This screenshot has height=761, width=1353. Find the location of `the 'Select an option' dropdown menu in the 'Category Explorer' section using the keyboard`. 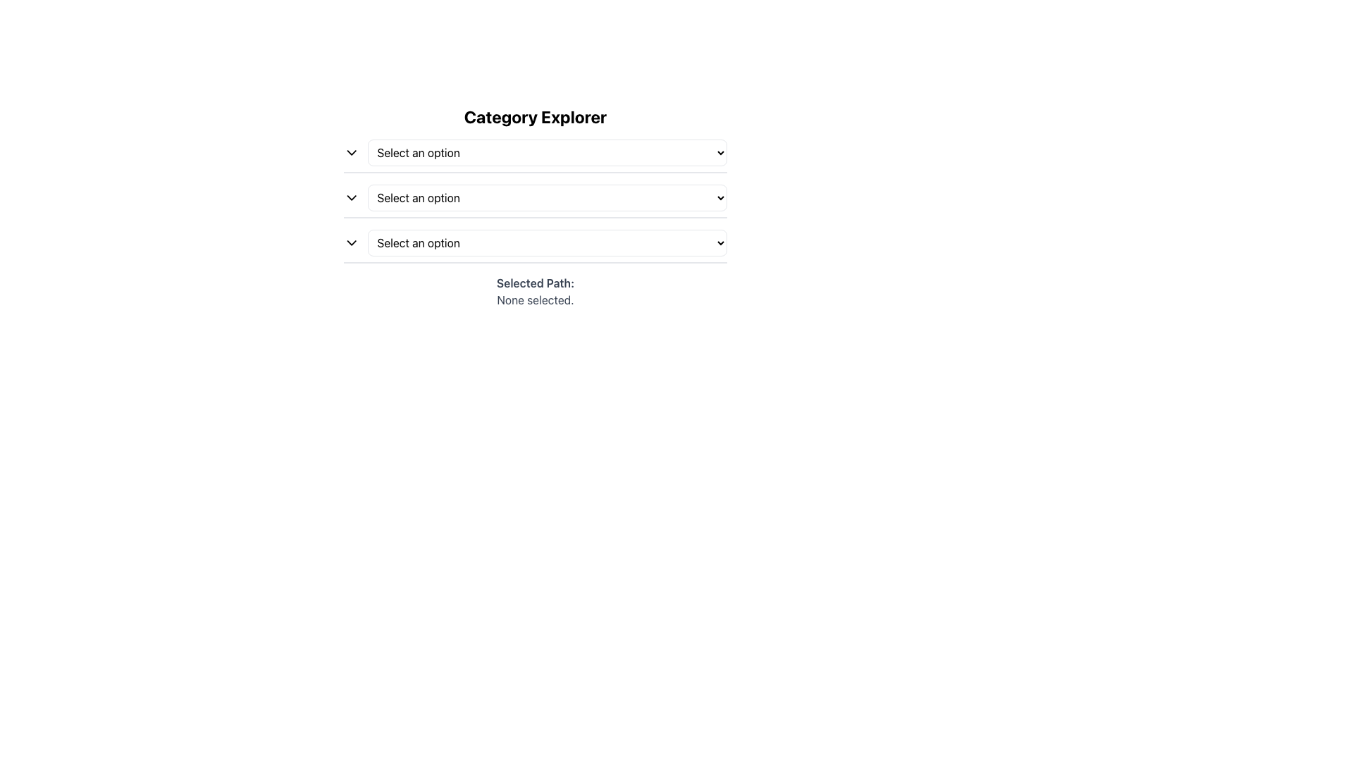

the 'Select an option' dropdown menu in the 'Category Explorer' section using the keyboard is located at coordinates (534, 201).